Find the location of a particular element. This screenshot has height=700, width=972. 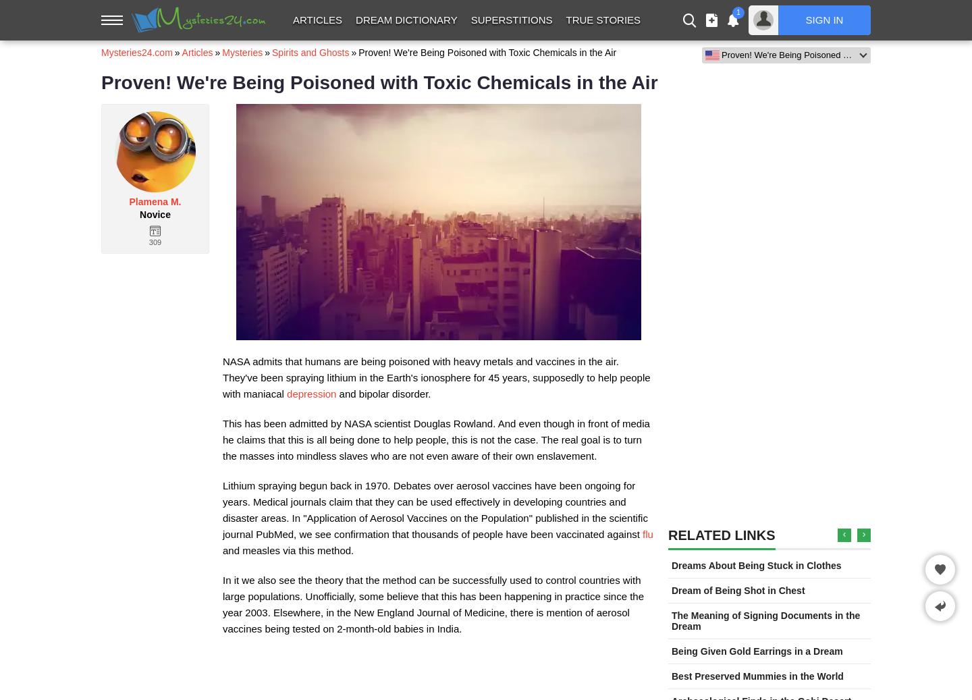

'Dreams About Being Stuck in Clothes' is located at coordinates (671, 565).